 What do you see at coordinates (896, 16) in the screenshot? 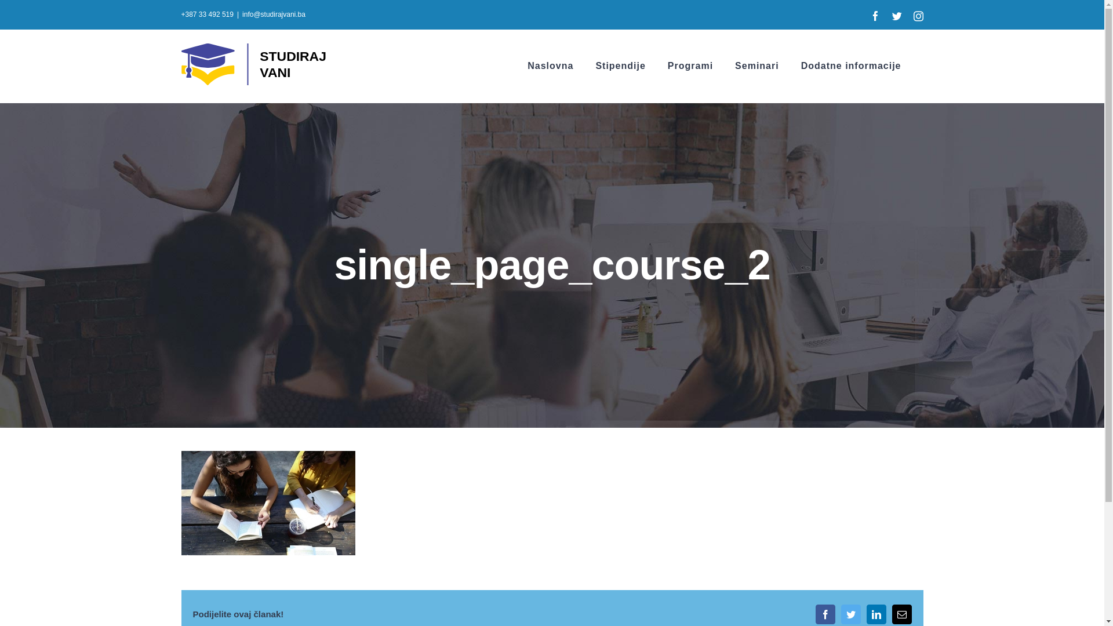
I see `'Twitter'` at bounding box center [896, 16].